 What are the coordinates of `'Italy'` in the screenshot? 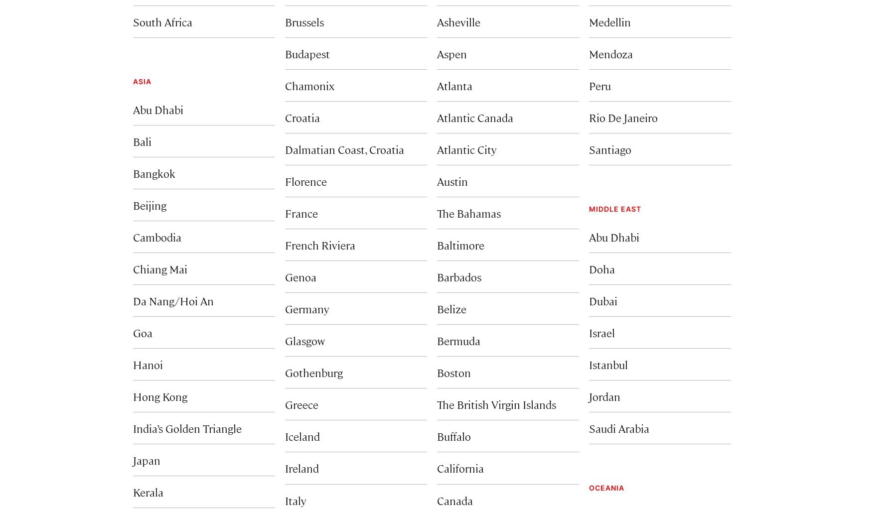 It's located at (296, 500).